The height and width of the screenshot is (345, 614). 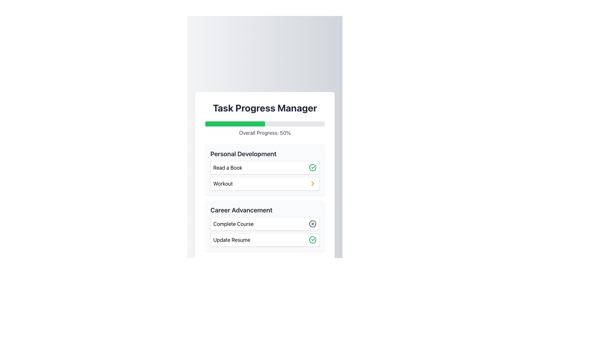 What do you see at coordinates (313, 240) in the screenshot?
I see `the completion icon for the 'Update Resume' task located in the rightmost section of the 'Career Advancement' category` at bounding box center [313, 240].